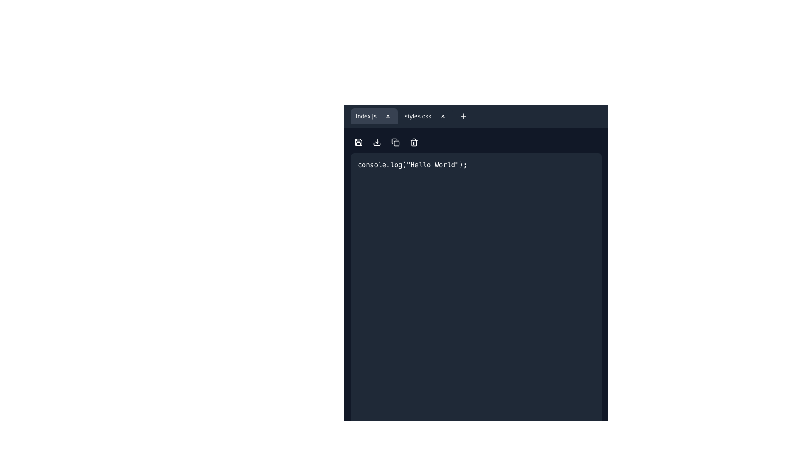 This screenshot has width=809, height=455. I want to click on the 'copy' icon, which is a square icon with rounded corners, styled with no visible fill and a stroke border, located centrally in the application's toolbar, so click(396, 143).